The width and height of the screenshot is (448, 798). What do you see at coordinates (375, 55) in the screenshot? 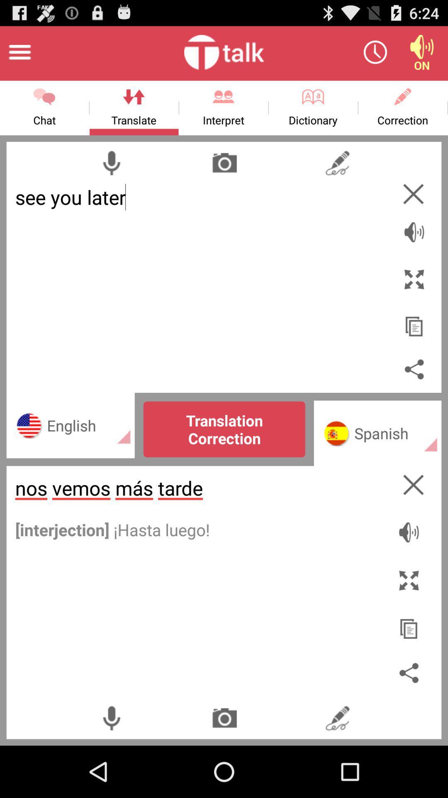
I see `the time icon` at bounding box center [375, 55].